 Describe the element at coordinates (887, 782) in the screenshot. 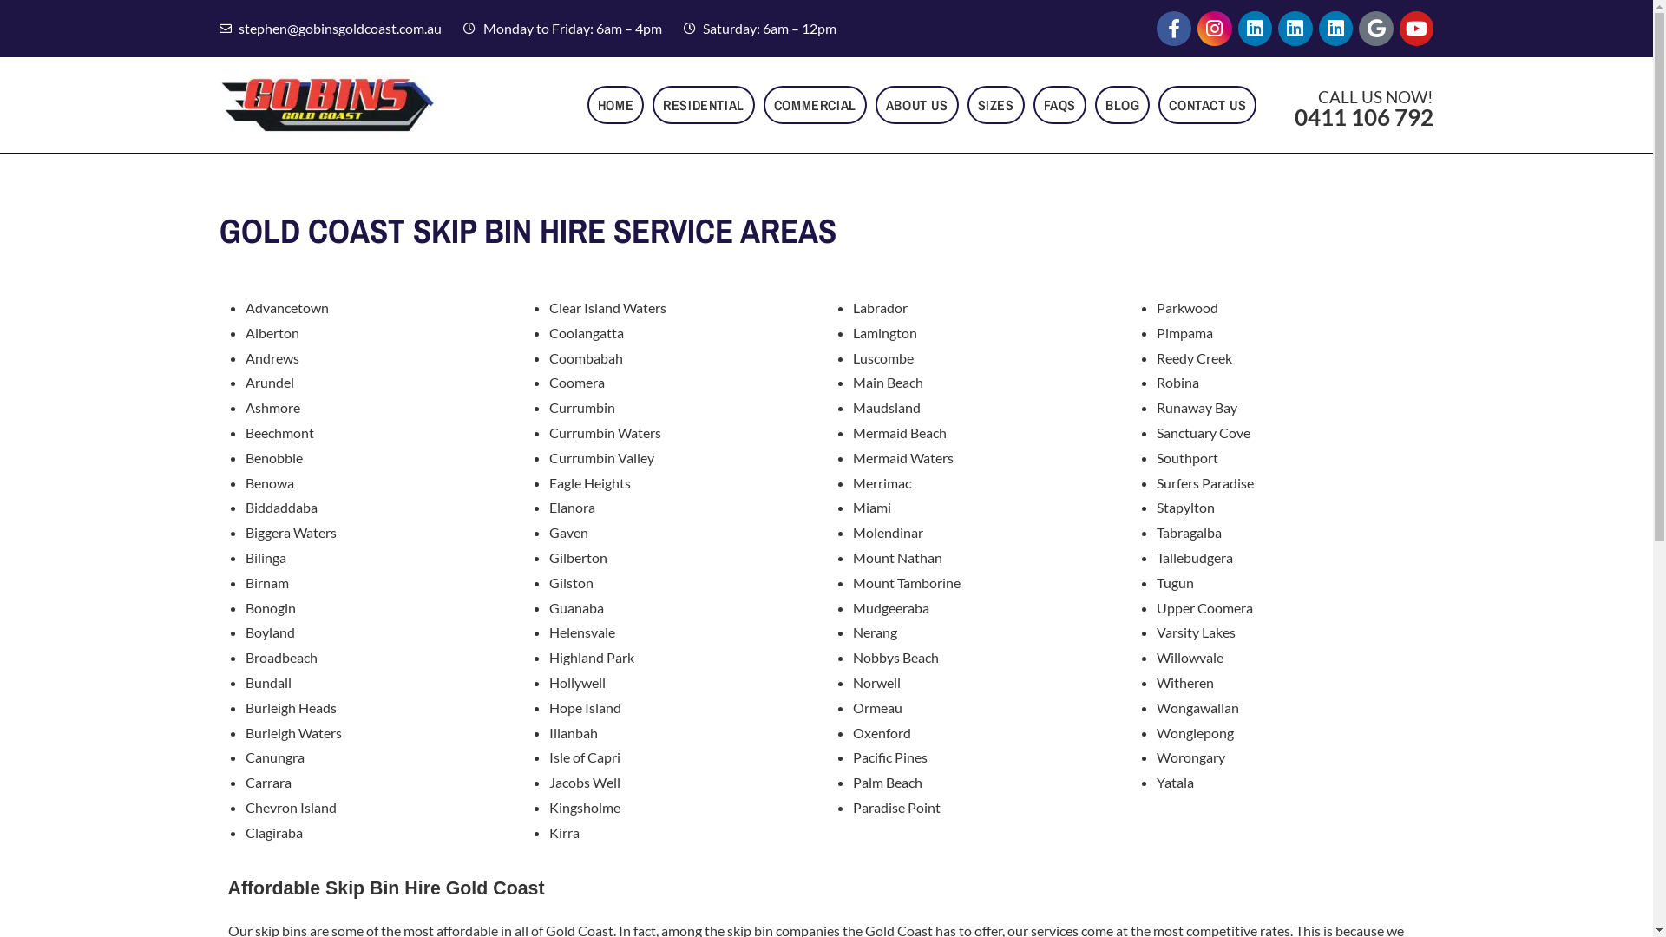

I see `'Palm Beach'` at that location.